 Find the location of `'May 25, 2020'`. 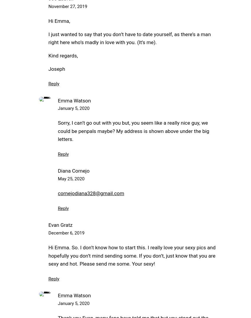

'May 25, 2020' is located at coordinates (71, 179).